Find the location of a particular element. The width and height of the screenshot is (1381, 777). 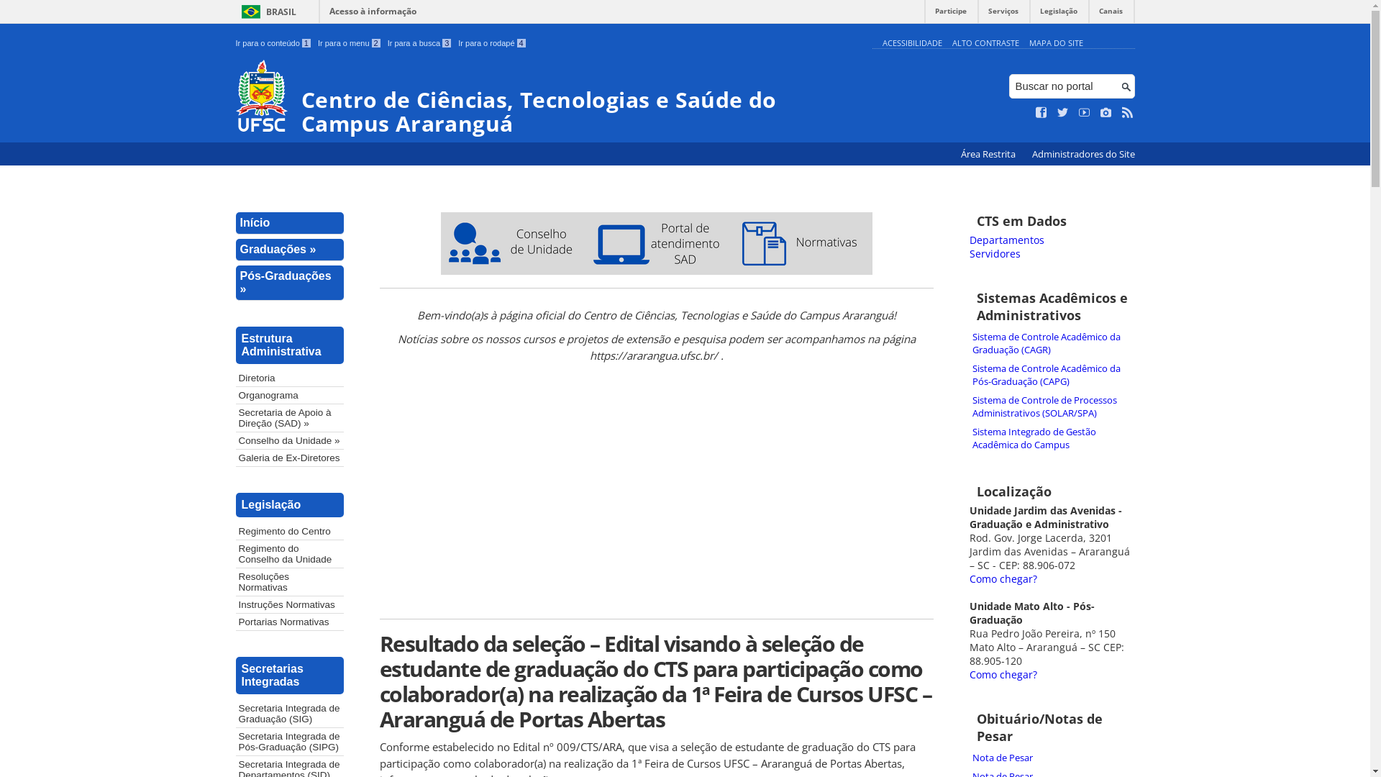

'Servidores' is located at coordinates (994, 253).